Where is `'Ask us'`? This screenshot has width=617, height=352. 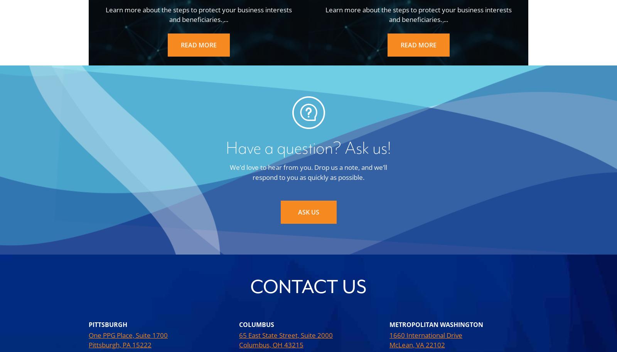
'Ask us' is located at coordinates (298, 212).